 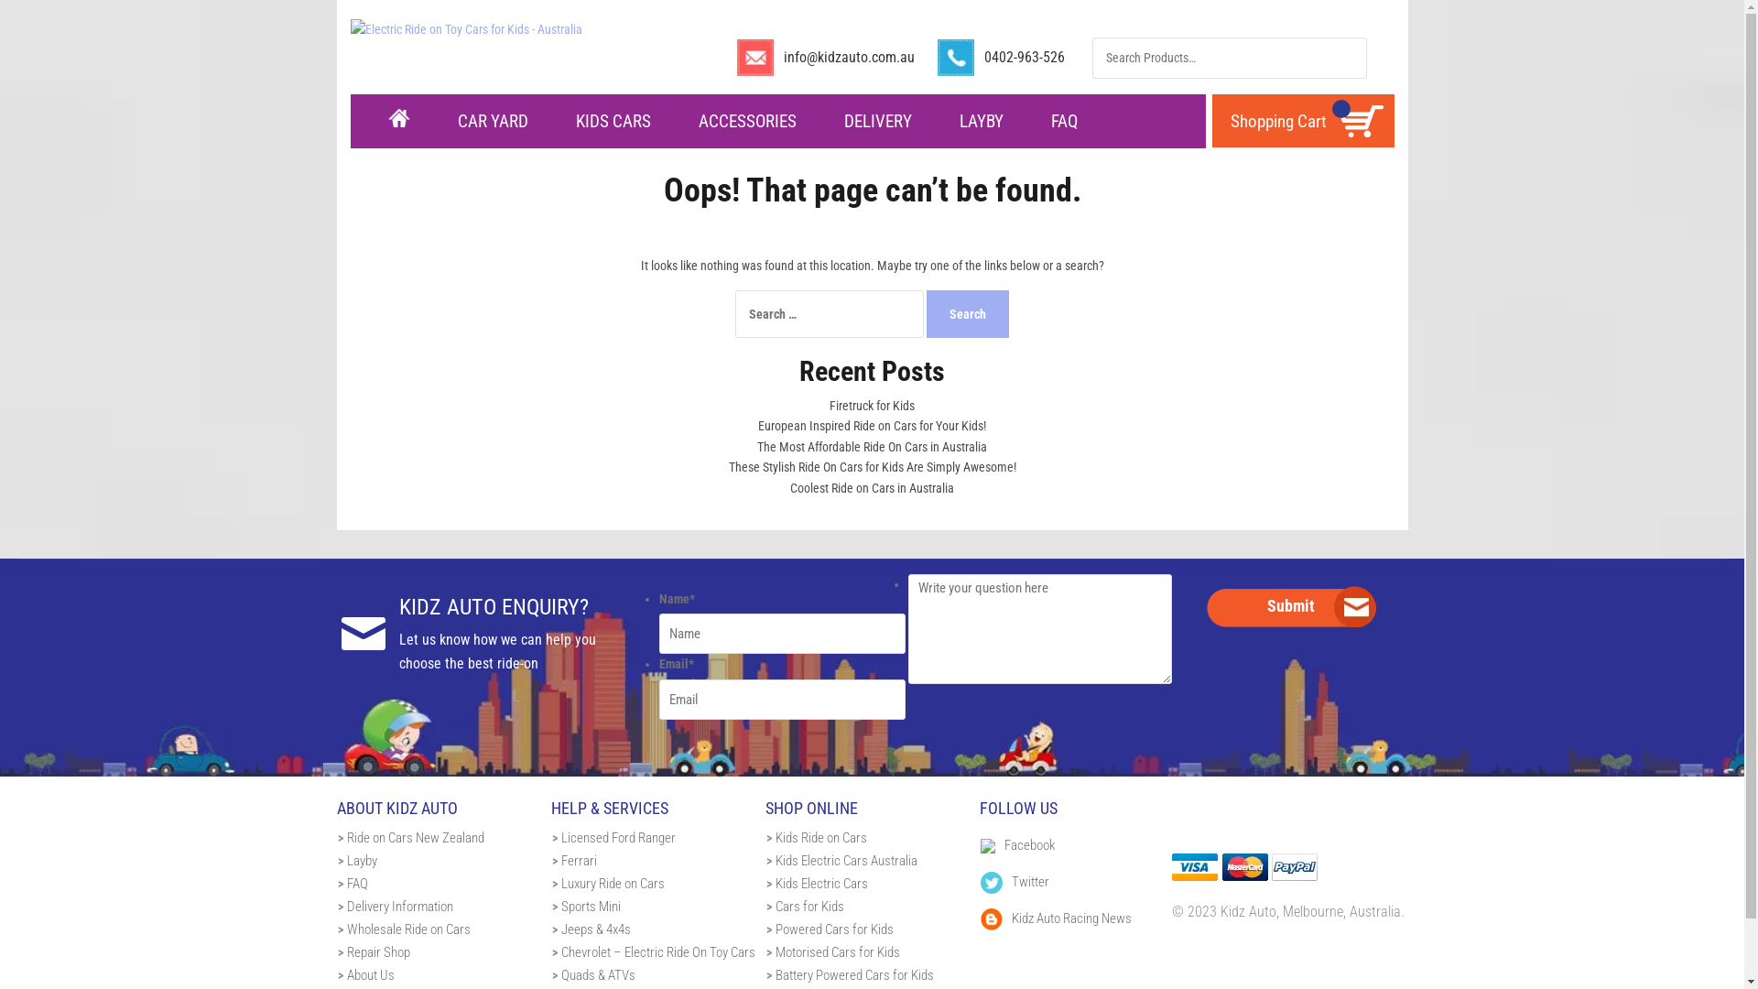 I want to click on 'ACCESSORIES', so click(x=746, y=122).